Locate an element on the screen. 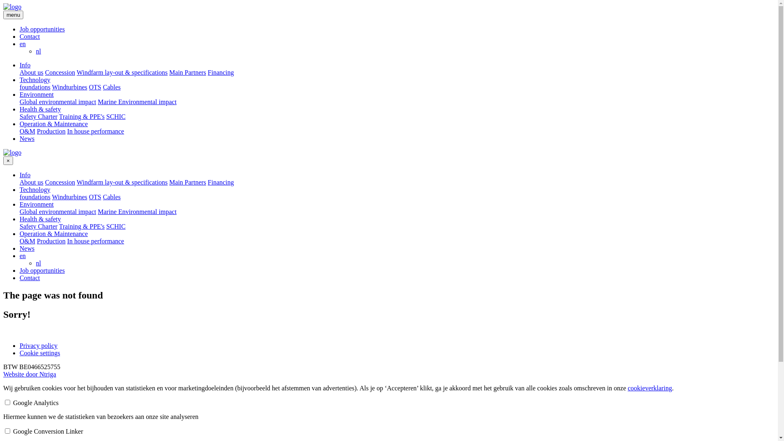 This screenshot has height=441, width=784. 'Windfarm lay-out & specifications' is located at coordinates (122, 72).